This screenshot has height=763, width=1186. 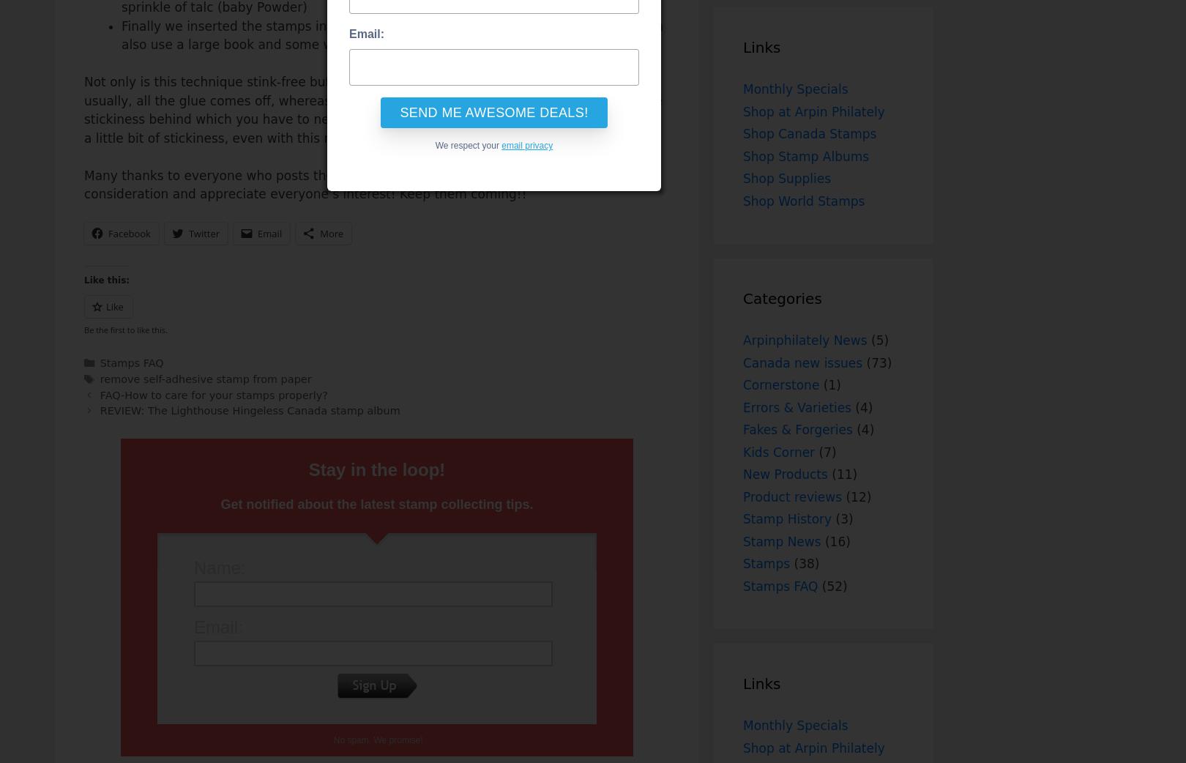 I want to click on 'Email', so click(x=269, y=233).